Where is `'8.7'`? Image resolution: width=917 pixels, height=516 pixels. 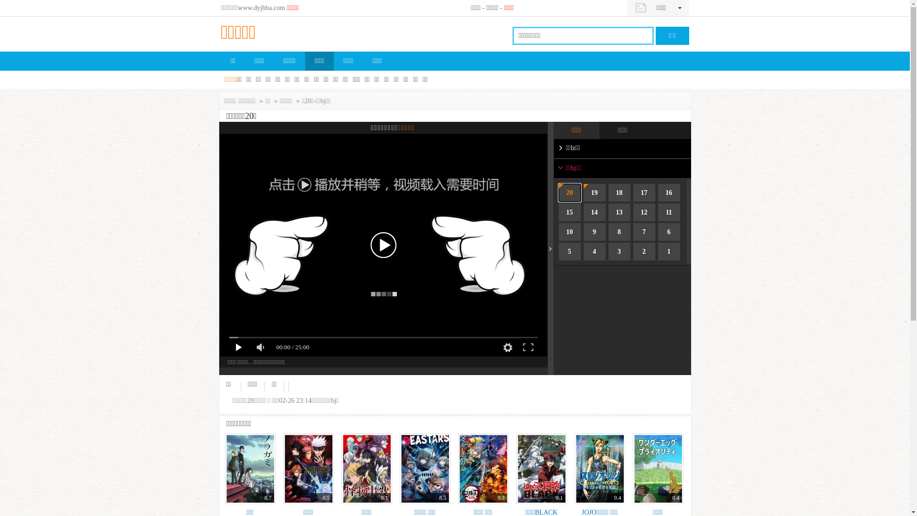 '8.7' is located at coordinates (224, 468).